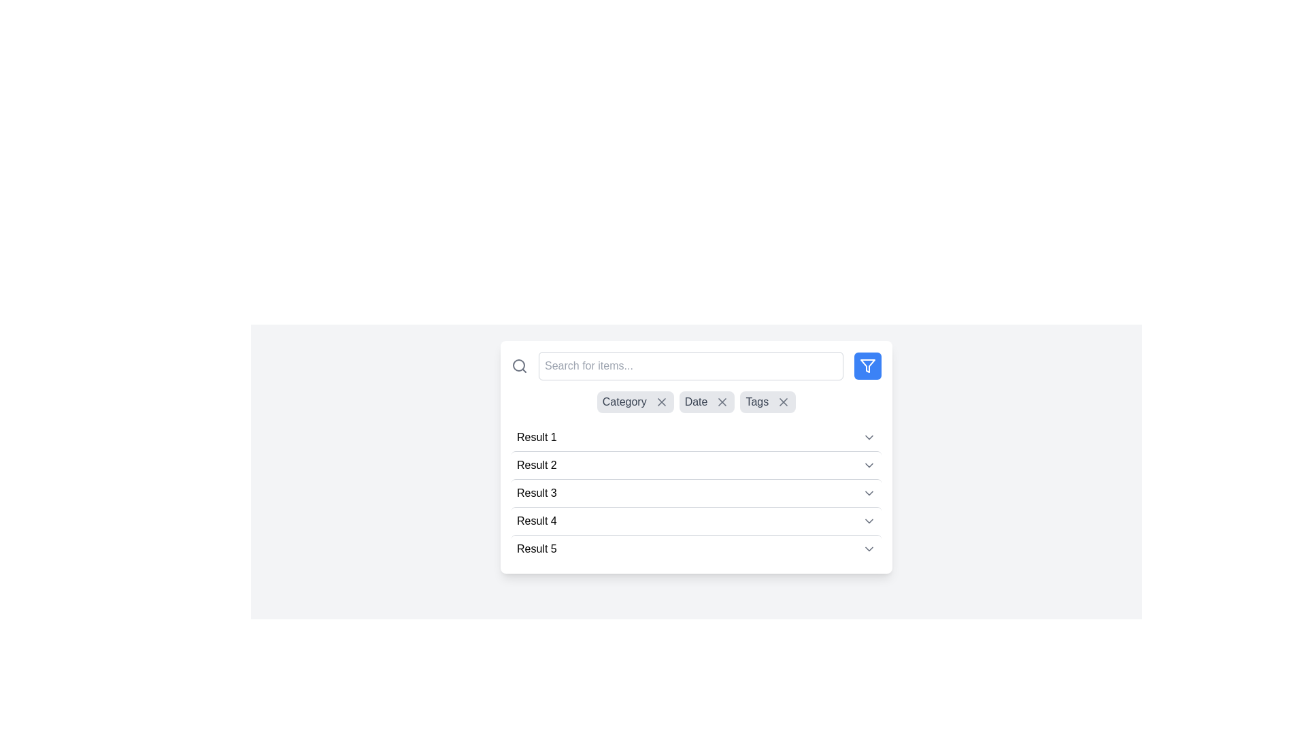  What do you see at coordinates (707, 401) in the screenshot?
I see `the 'X' icon on the removable tag labeled 'Date'` at bounding box center [707, 401].